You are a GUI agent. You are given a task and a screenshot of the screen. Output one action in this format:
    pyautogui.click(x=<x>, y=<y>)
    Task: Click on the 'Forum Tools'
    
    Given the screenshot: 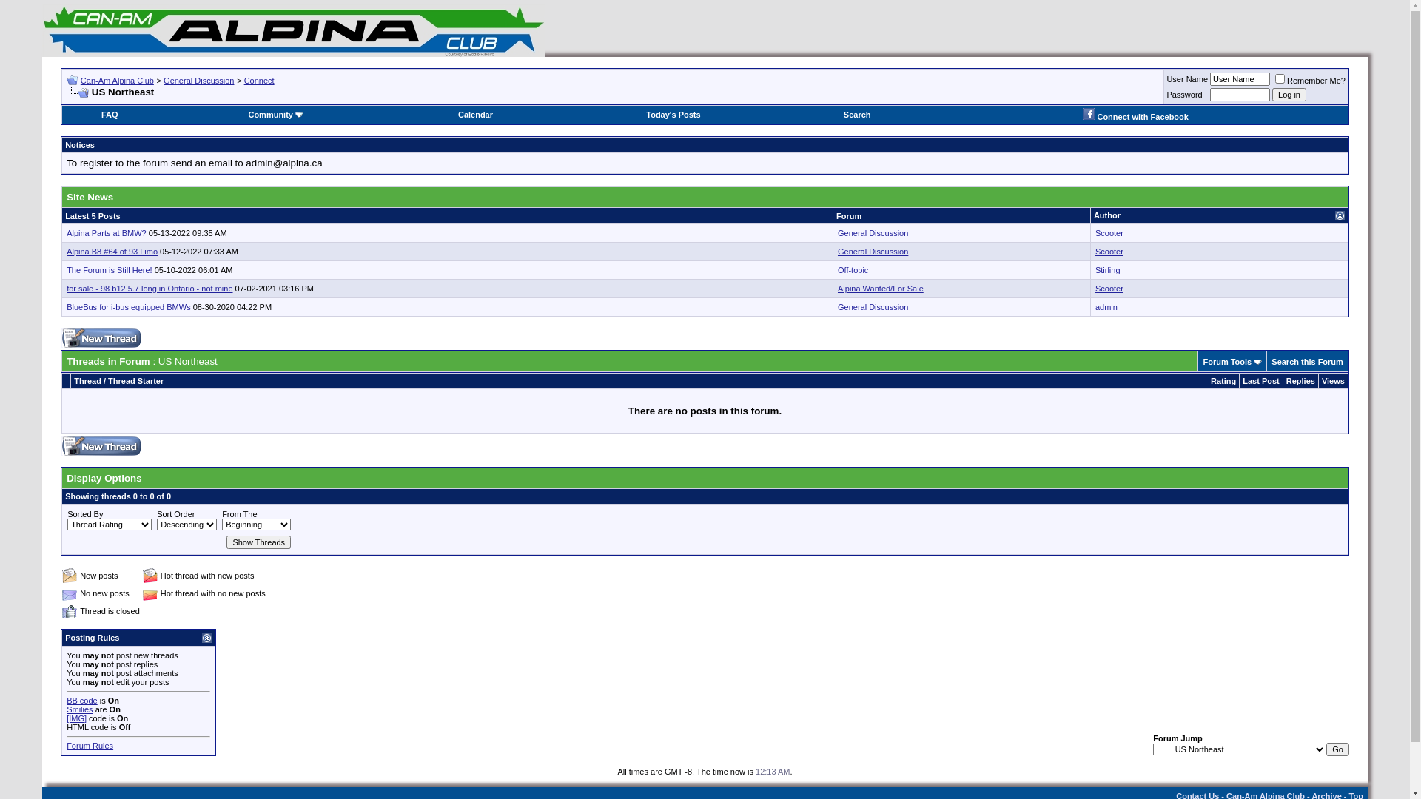 What is the action you would take?
    pyautogui.click(x=1226, y=361)
    